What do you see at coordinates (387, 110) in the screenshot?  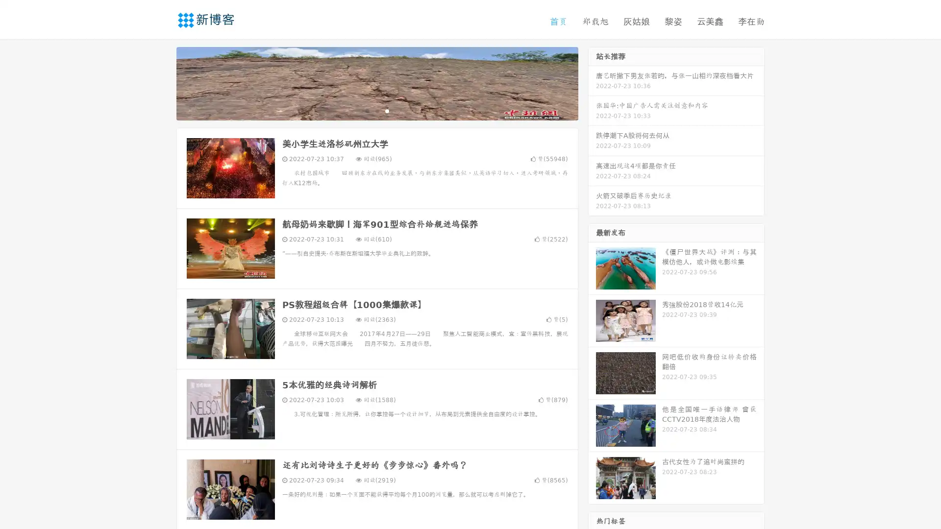 I see `Go to slide 3` at bounding box center [387, 110].